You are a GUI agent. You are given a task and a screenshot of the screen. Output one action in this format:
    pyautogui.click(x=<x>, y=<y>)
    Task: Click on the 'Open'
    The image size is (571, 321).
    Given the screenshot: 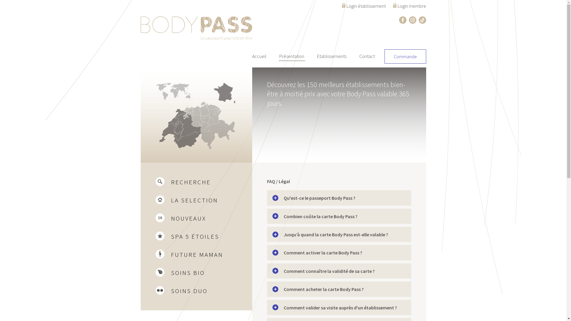 What is the action you would take?
    pyautogui.click(x=275, y=252)
    